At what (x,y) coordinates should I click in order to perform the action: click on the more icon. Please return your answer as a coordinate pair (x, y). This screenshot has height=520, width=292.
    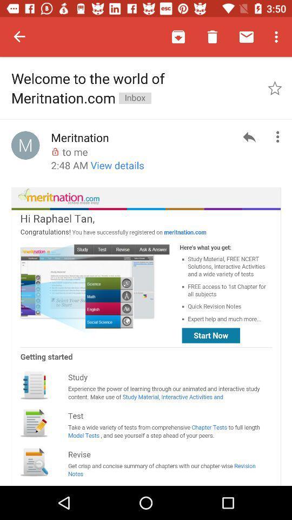
    Looking at the image, I should click on (279, 136).